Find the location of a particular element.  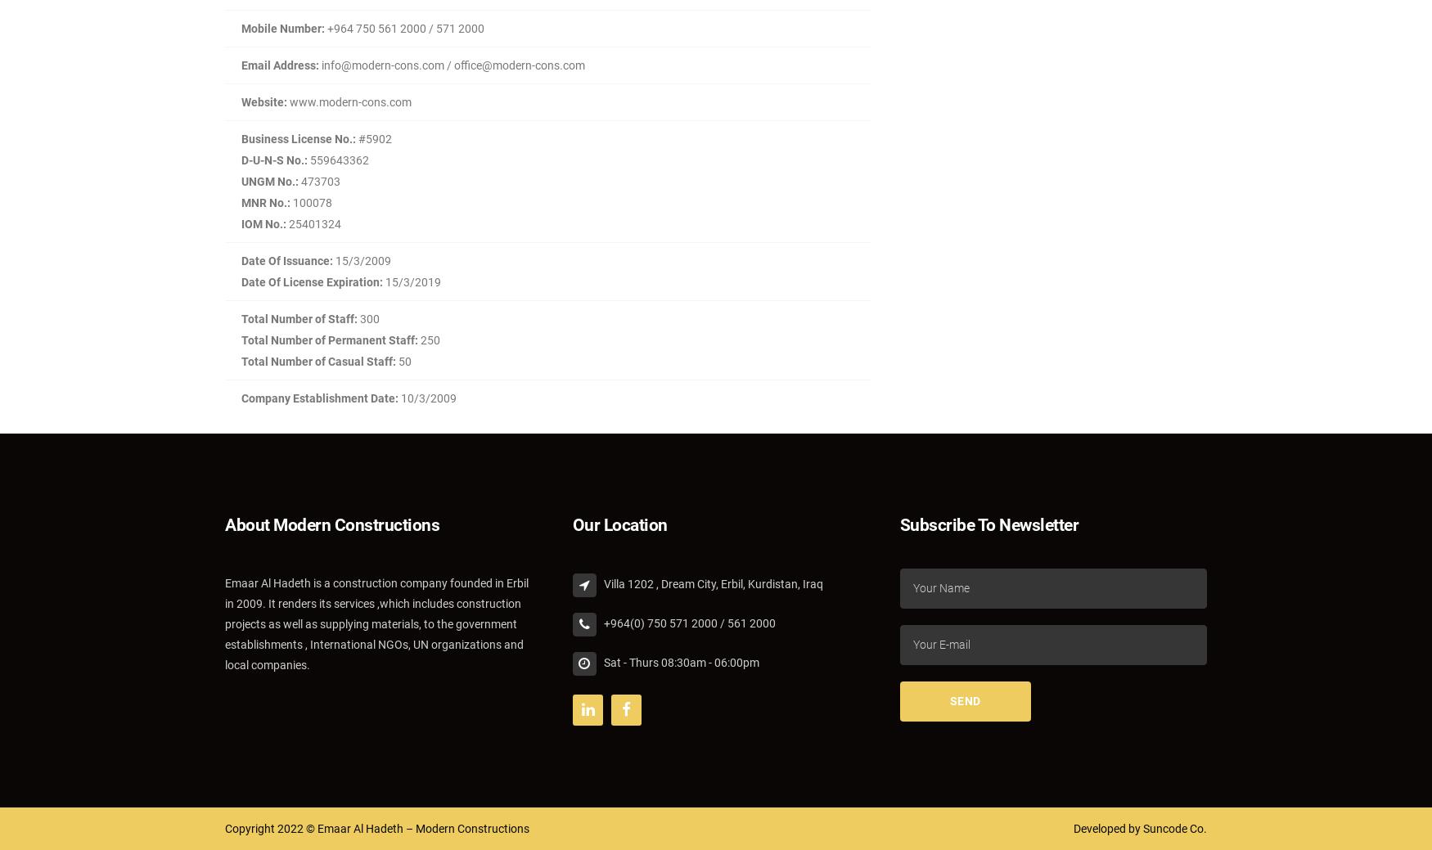

'Subscribe To Newsletter' is located at coordinates (899, 524).